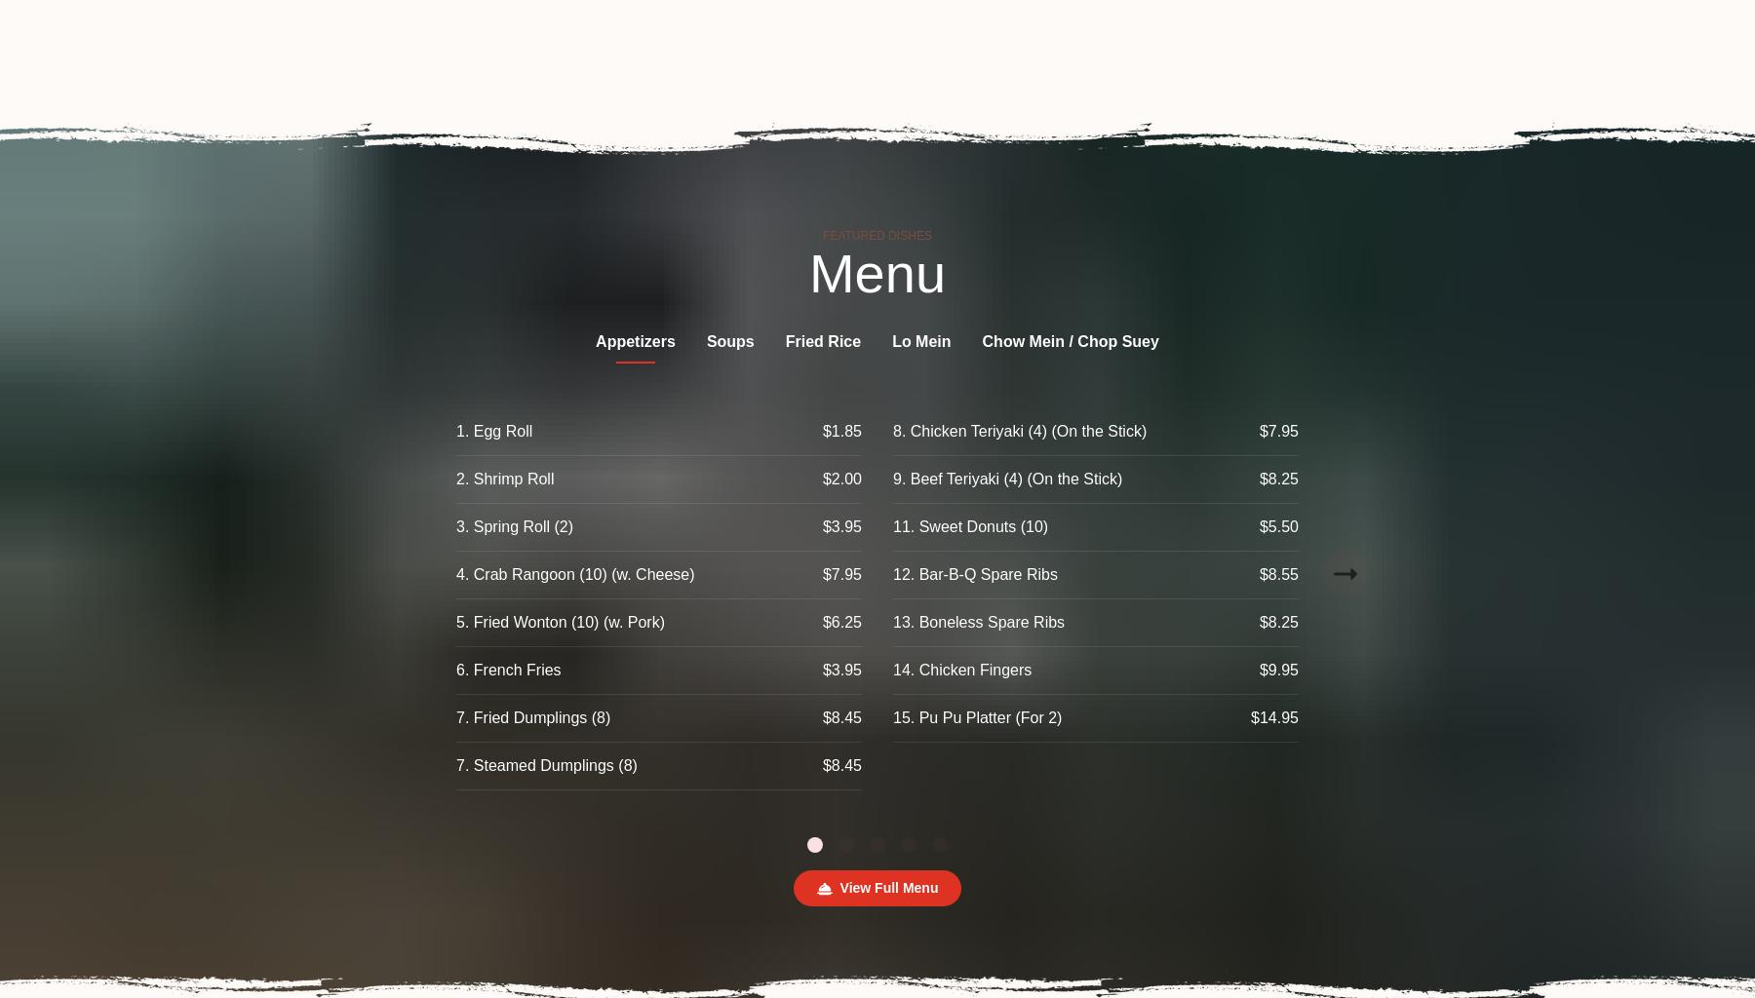 This screenshot has height=998, width=1755. Describe the element at coordinates (1621, 431) in the screenshot. I see `'44. Mixed Vegetables'` at that location.